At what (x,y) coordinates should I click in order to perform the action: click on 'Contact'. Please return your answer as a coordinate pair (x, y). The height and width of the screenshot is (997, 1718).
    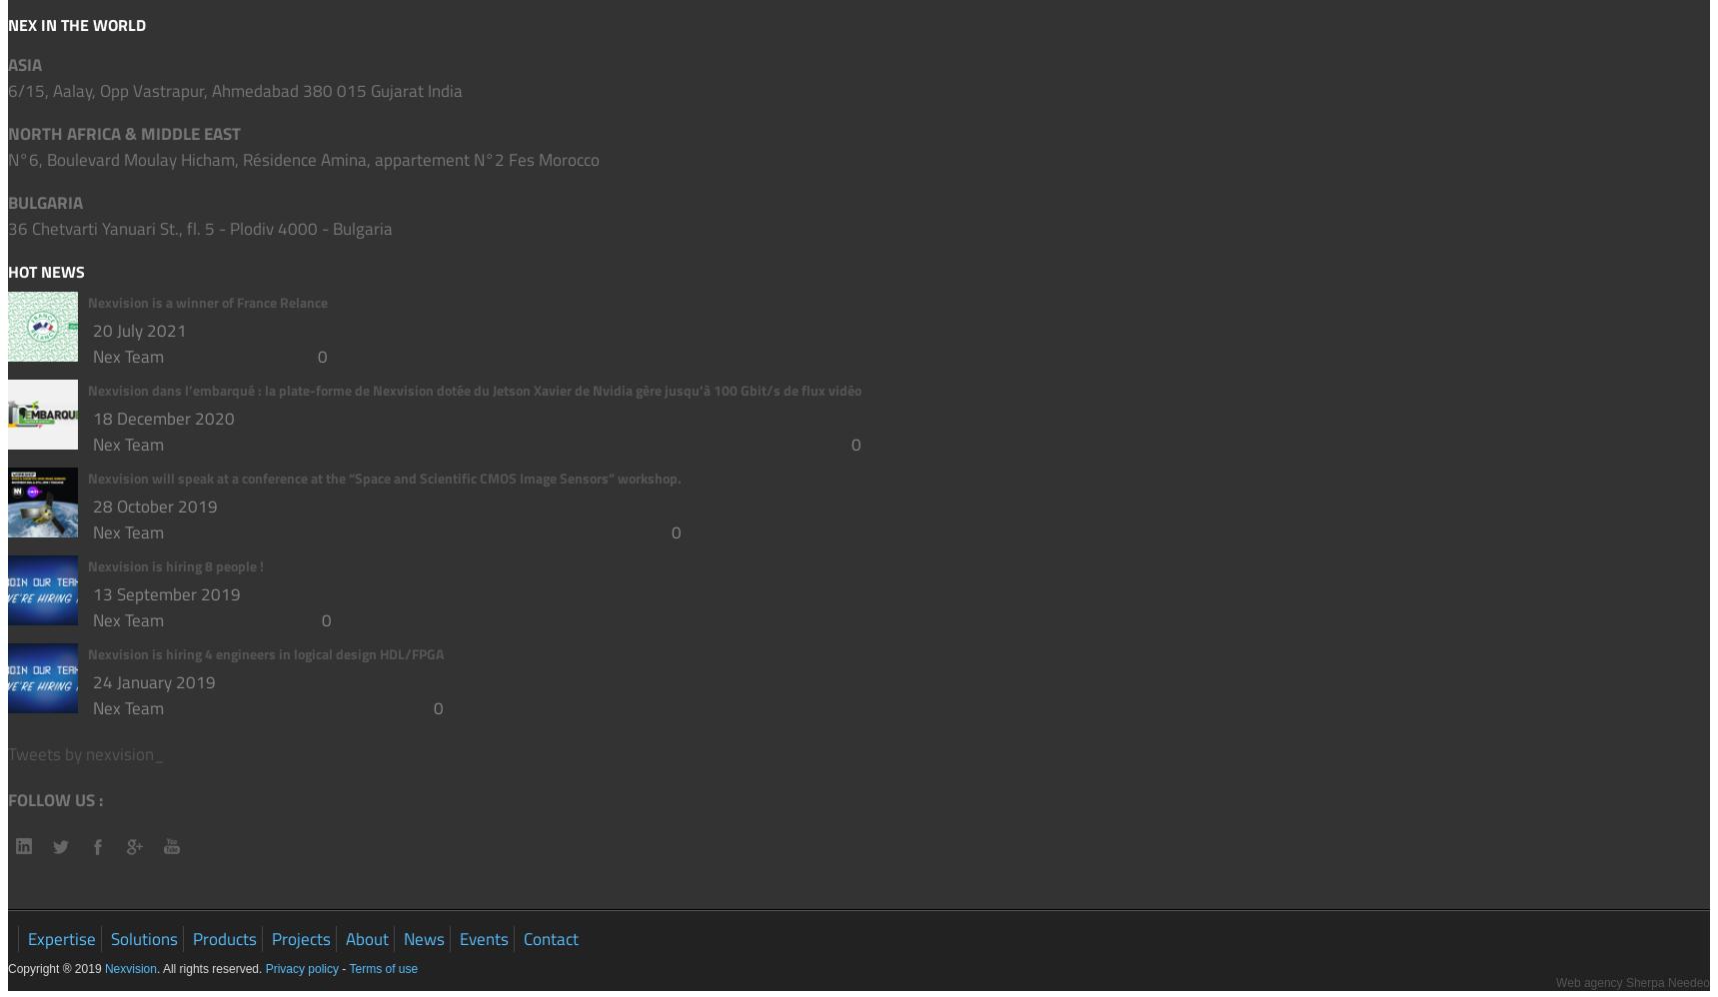
    Looking at the image, I should click on (551, 938).